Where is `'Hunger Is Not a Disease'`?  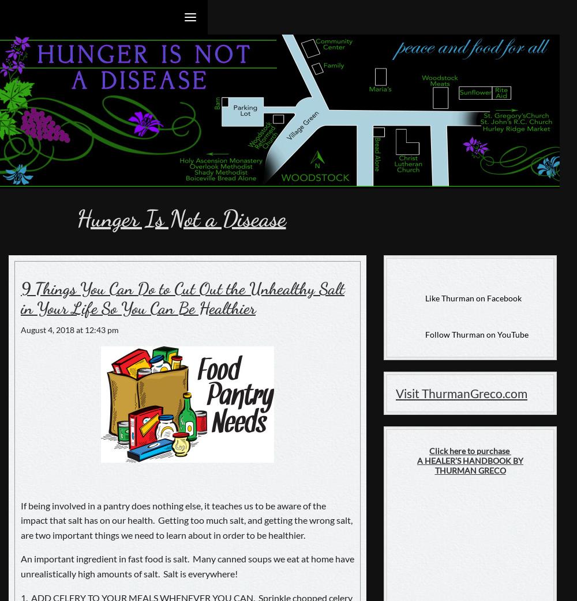 'Hunger Is Not a Disease' is located at coordinates (180, 218).